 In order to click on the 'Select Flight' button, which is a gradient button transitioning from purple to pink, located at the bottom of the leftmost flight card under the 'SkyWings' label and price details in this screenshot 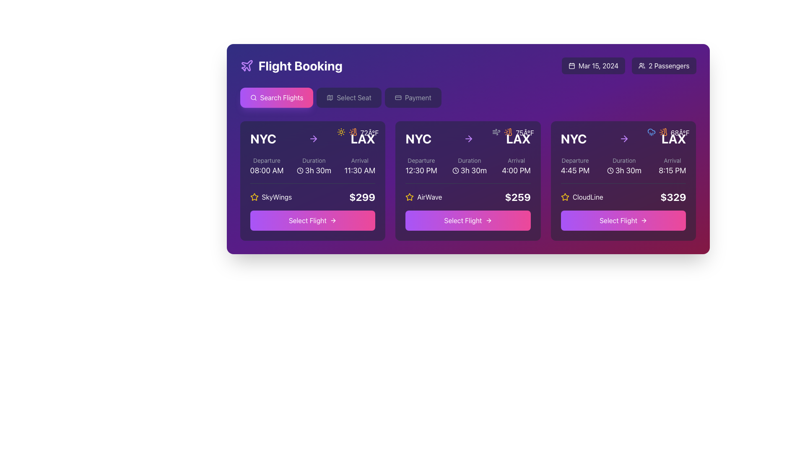, I will do `click(312, 220)`.